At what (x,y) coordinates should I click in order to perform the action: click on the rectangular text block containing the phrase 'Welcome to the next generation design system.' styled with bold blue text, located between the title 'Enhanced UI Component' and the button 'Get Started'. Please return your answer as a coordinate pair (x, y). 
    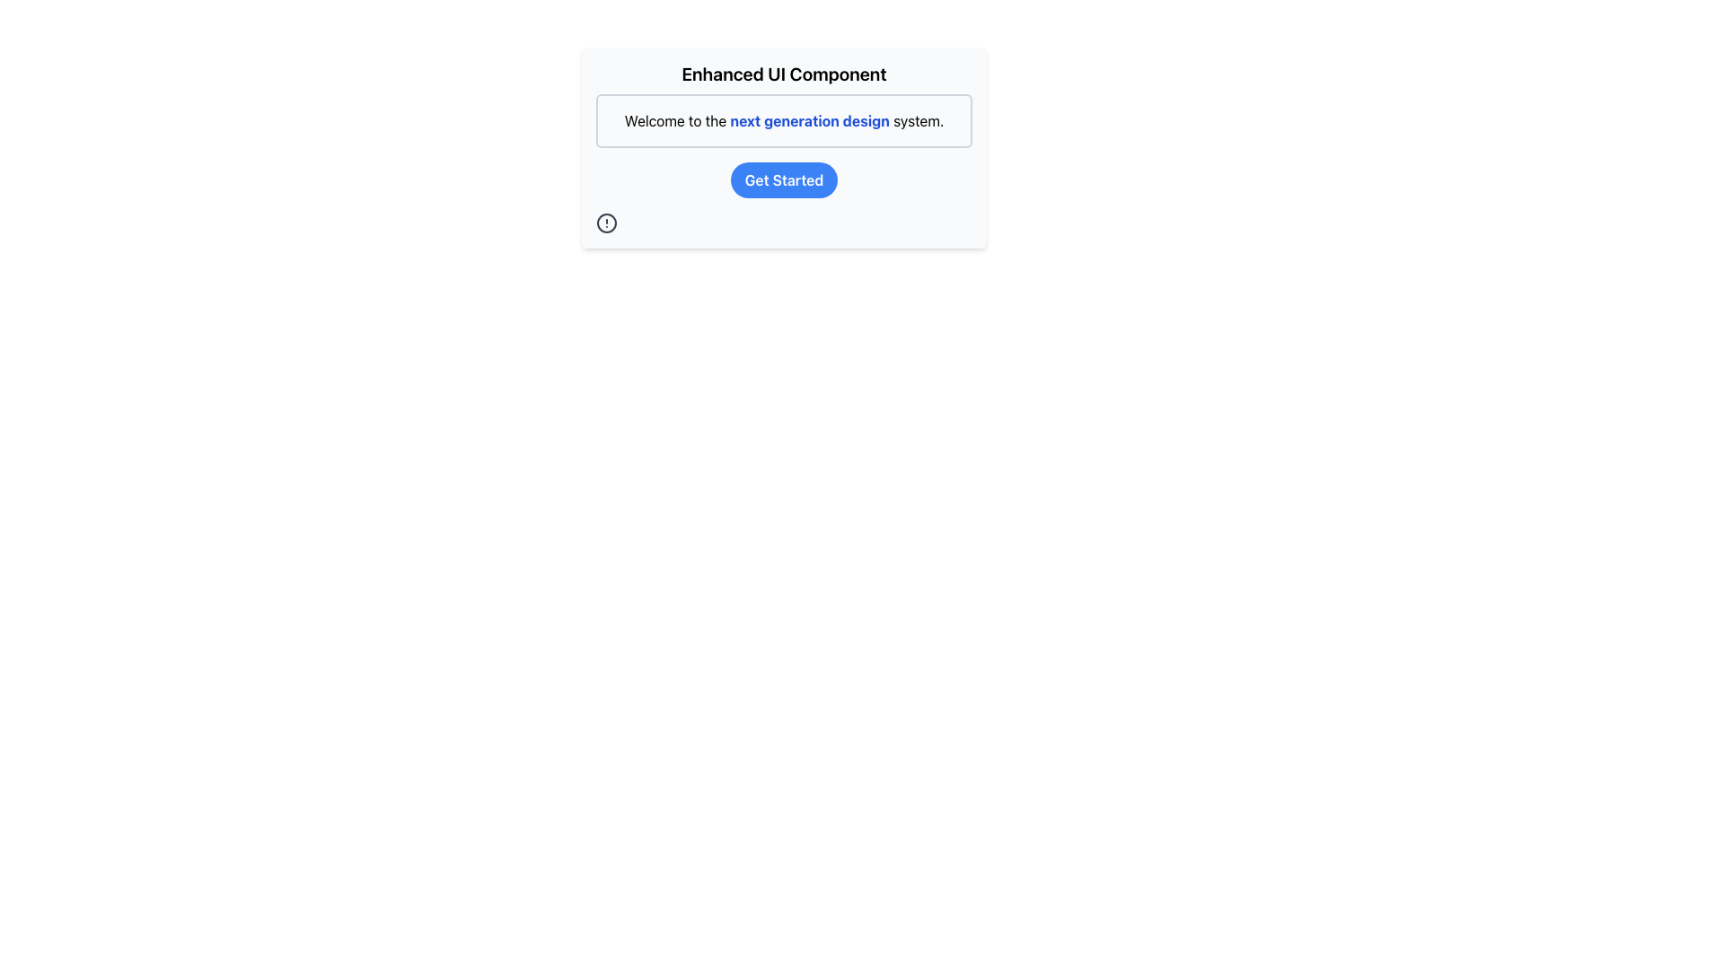
    Looking at the image, I should click on (784, 121).